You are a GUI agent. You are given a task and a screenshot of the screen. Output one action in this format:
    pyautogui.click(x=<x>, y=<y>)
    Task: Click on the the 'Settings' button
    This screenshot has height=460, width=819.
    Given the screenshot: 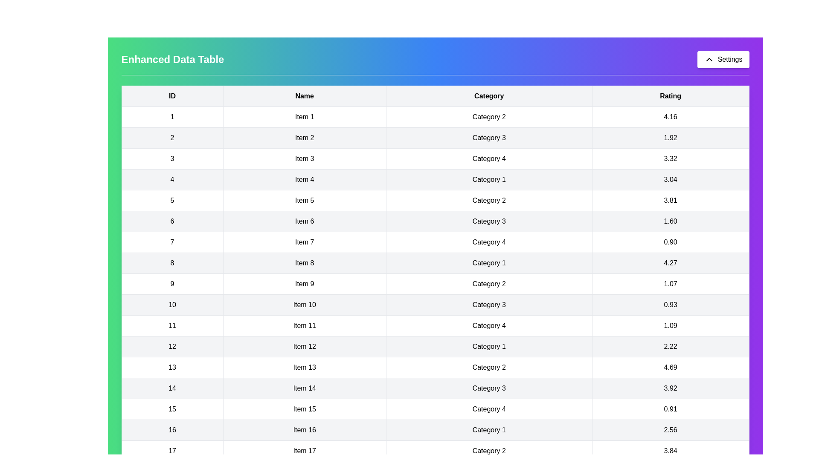 What is the action you would take?
    pyautogui.click(x=723, y=59)
    